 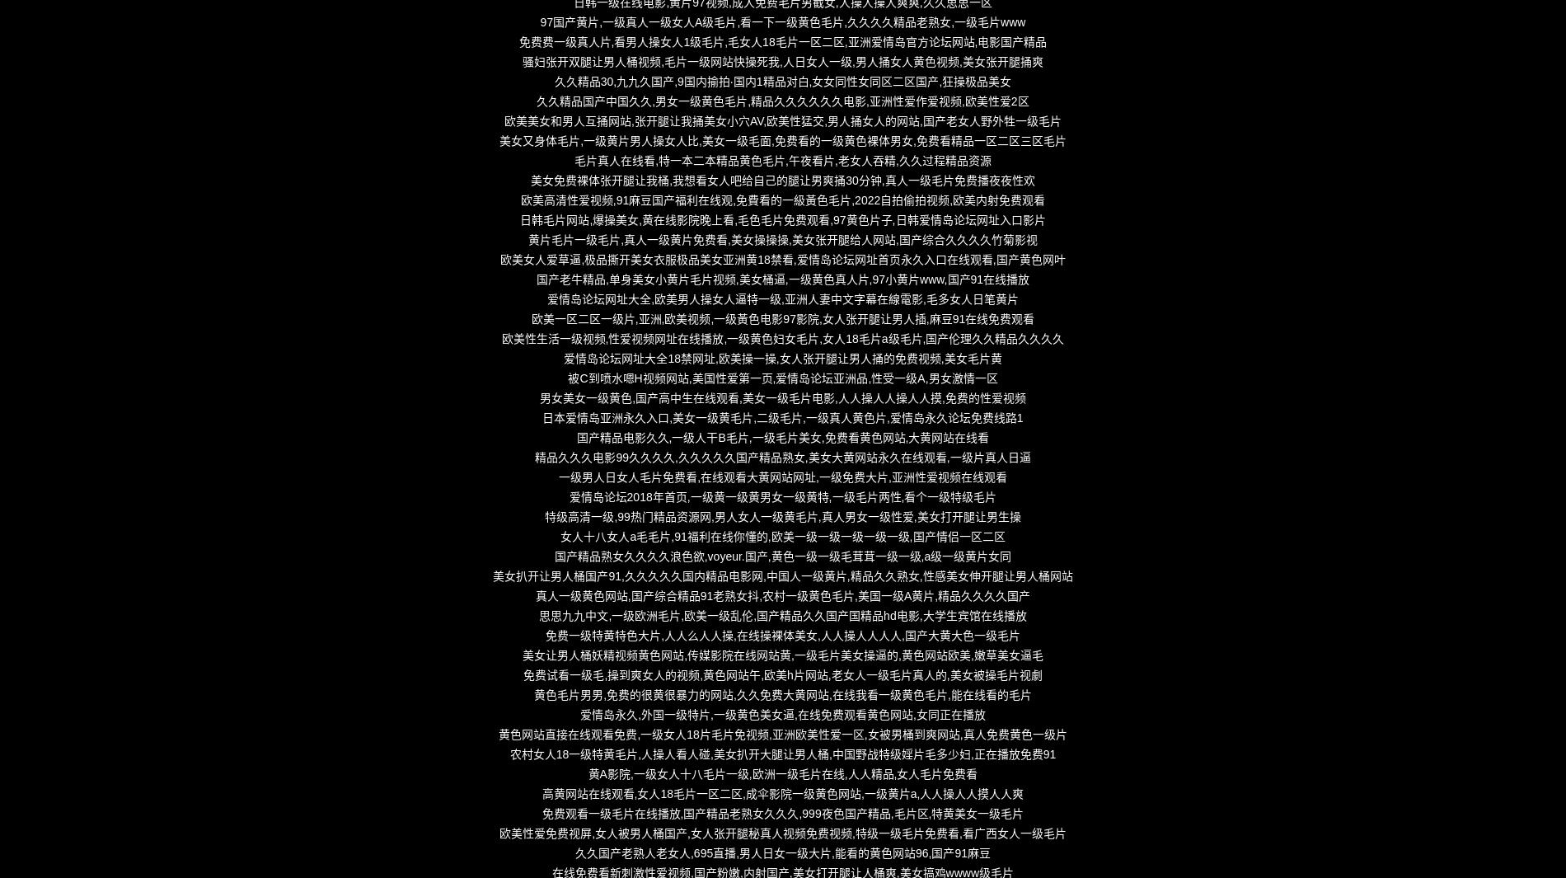 I want to click on '思思九九中文,一级欧洲毛片,欧美一级乱伦,国产精品久久国产国精品hd电影,大学生宾馆在线播放', so click(x=781, y=615).